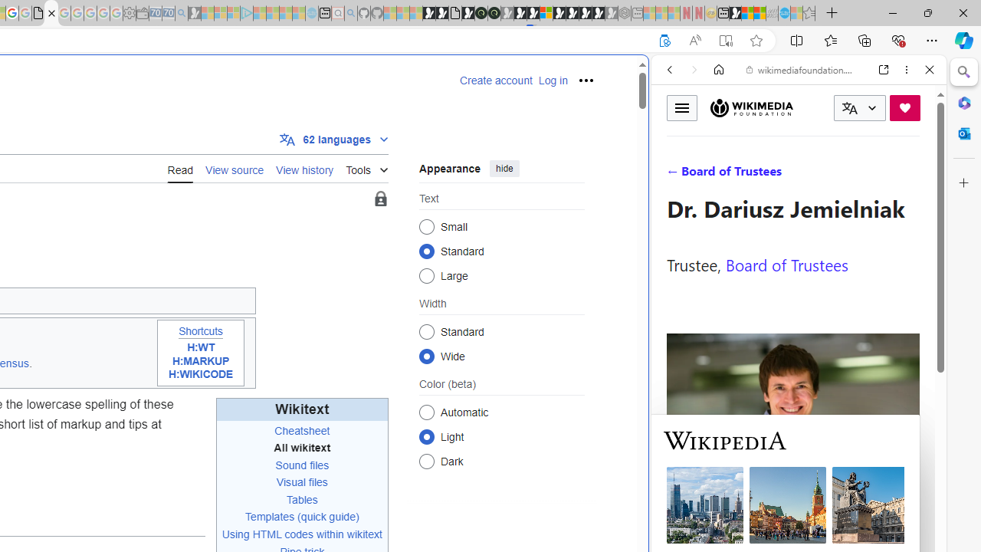  What do you see at coordinates (302, 533) in the screenshot?
I see `'Using HTML codes within wikitext'` at bounding box center [302, 533].